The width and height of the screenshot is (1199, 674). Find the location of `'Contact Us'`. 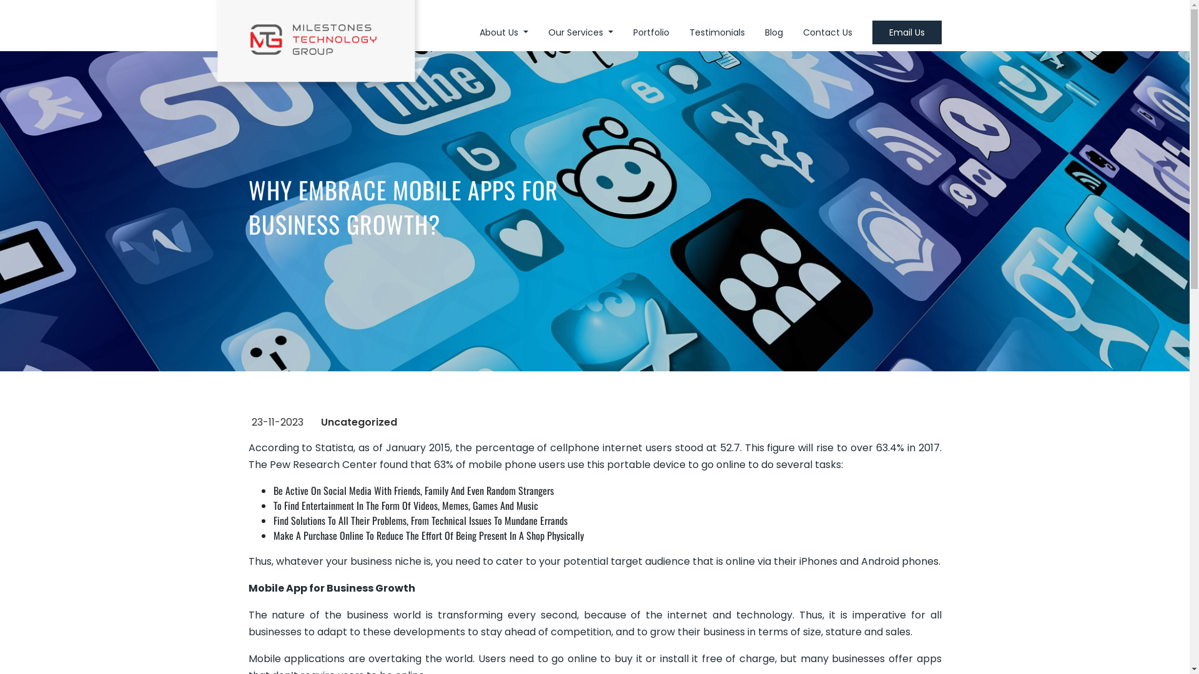

'Contact Us' is located at coordinates (827, 31).